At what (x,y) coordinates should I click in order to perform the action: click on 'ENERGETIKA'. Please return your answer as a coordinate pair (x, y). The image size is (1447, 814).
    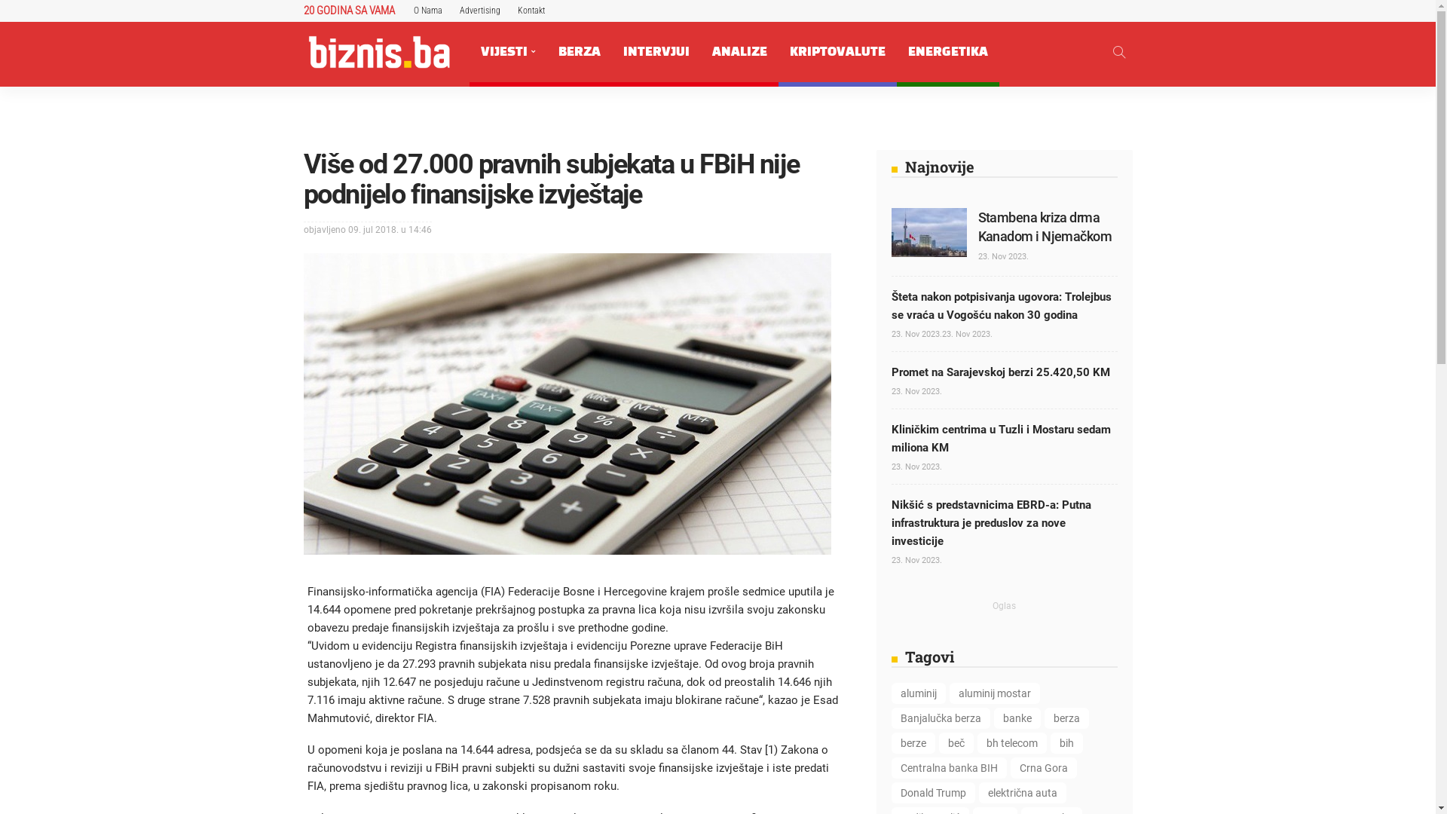
    Looking at the image, I should click on (897, 51).